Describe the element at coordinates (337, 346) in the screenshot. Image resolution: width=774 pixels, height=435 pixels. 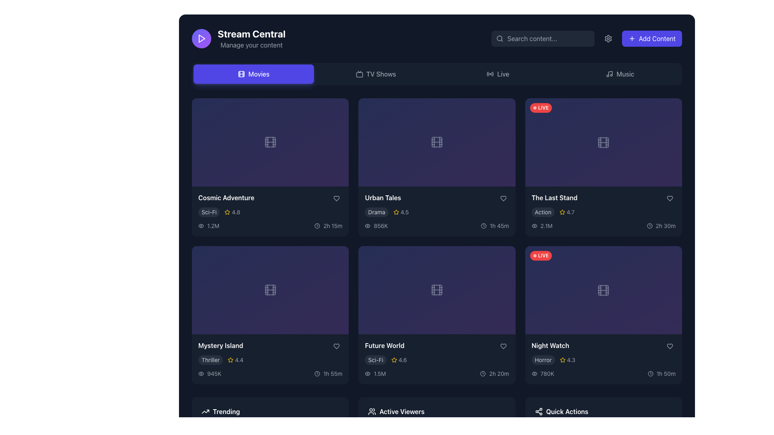
I see `the heart-shaped icon located at the bottom-right corner of the 'Mystery Island' content card to mark or unmark it as favorite` at that location.